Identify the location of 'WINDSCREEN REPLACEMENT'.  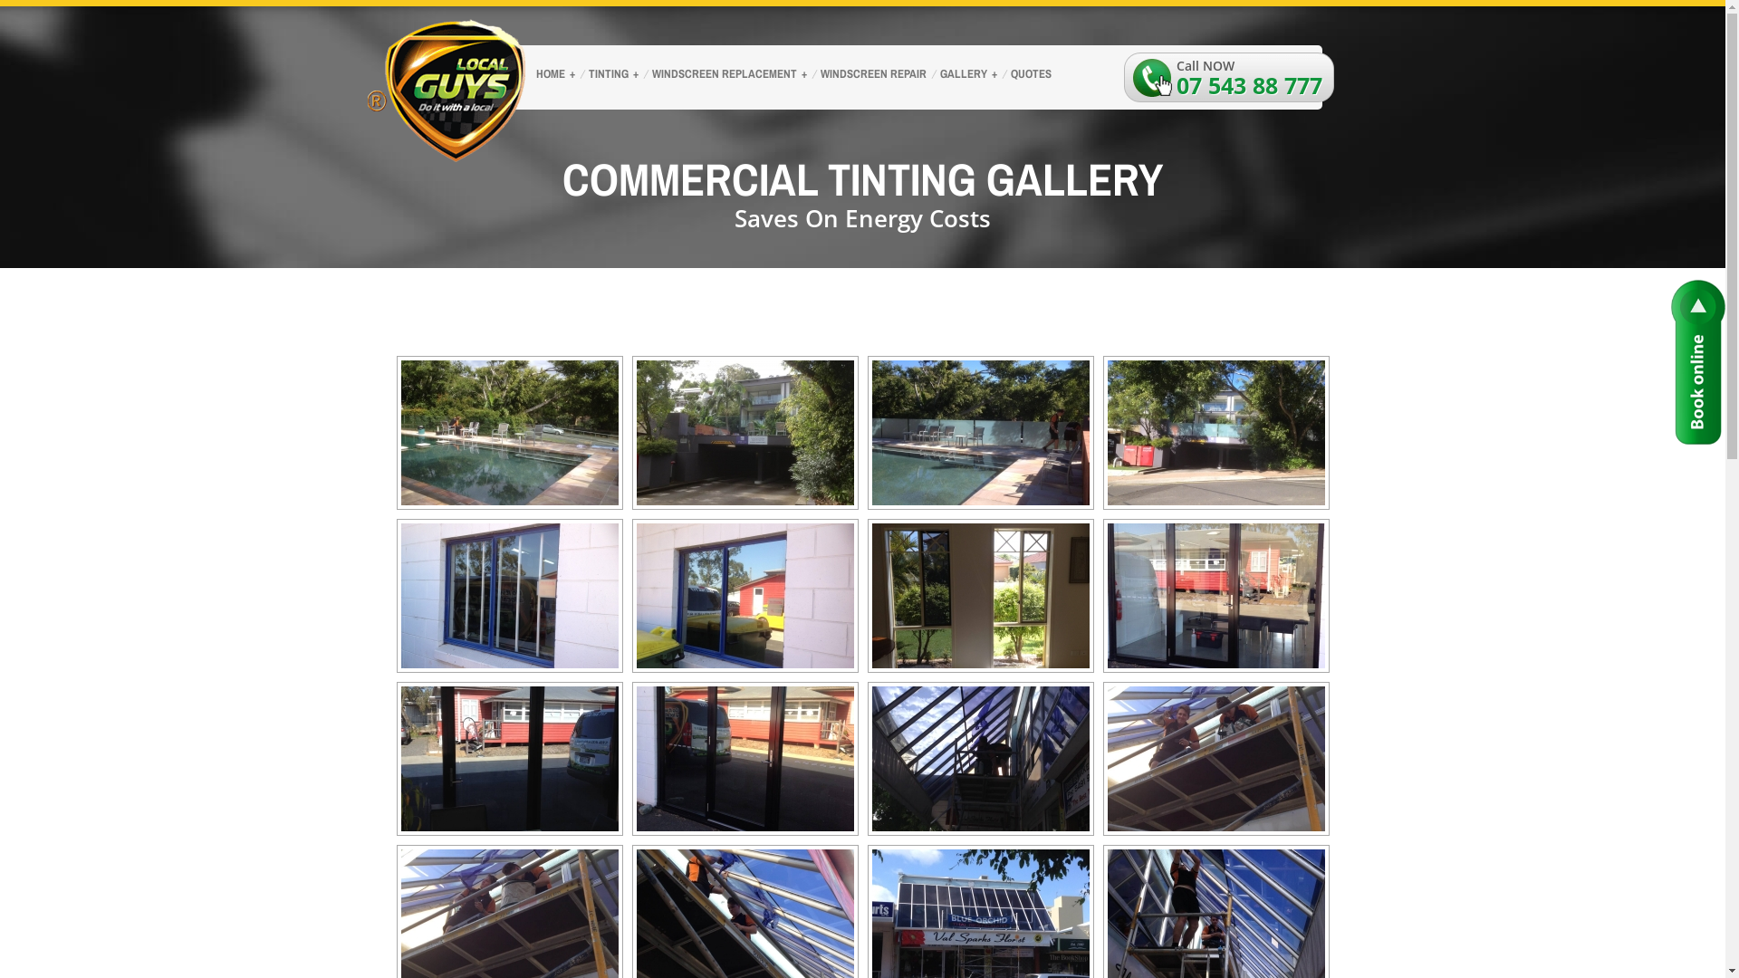
(726, 75).